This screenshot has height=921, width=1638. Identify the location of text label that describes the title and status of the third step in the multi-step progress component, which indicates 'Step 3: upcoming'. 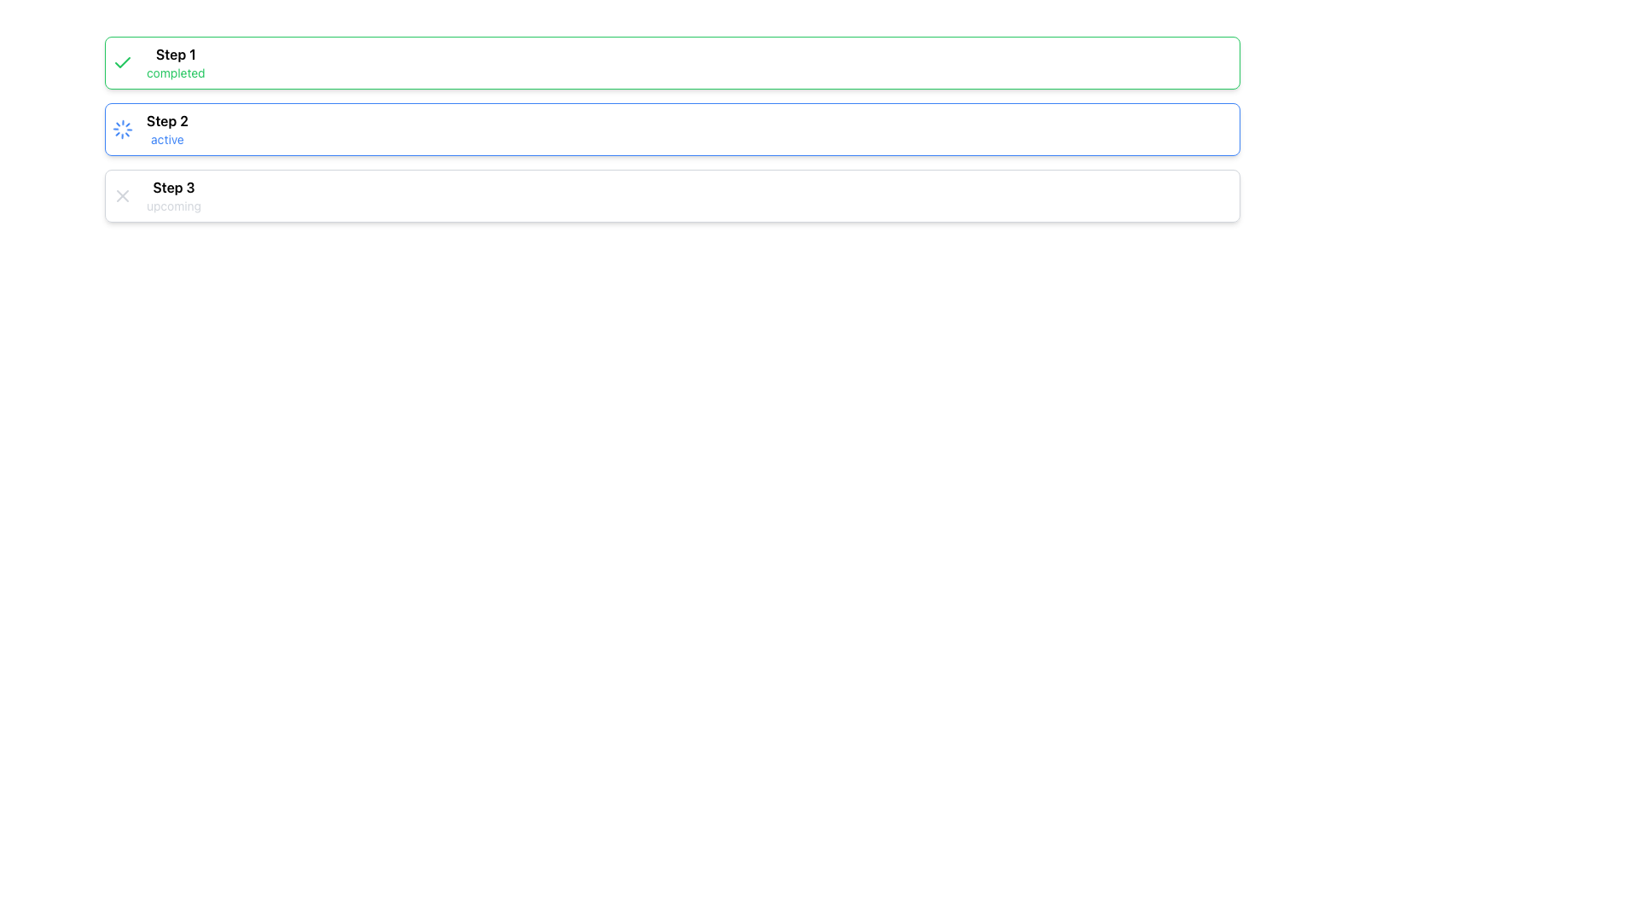
(173, 195).